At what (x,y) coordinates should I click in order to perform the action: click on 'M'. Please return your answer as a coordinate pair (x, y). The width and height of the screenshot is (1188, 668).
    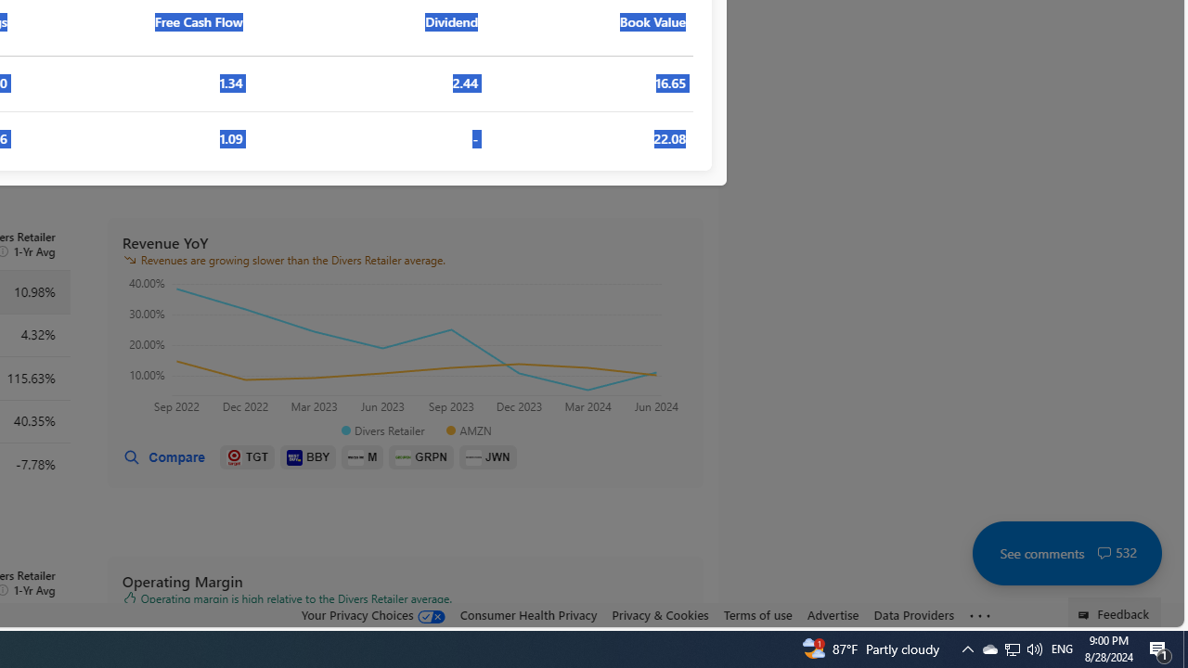
    Looking at the image, I should click on (363, 457).